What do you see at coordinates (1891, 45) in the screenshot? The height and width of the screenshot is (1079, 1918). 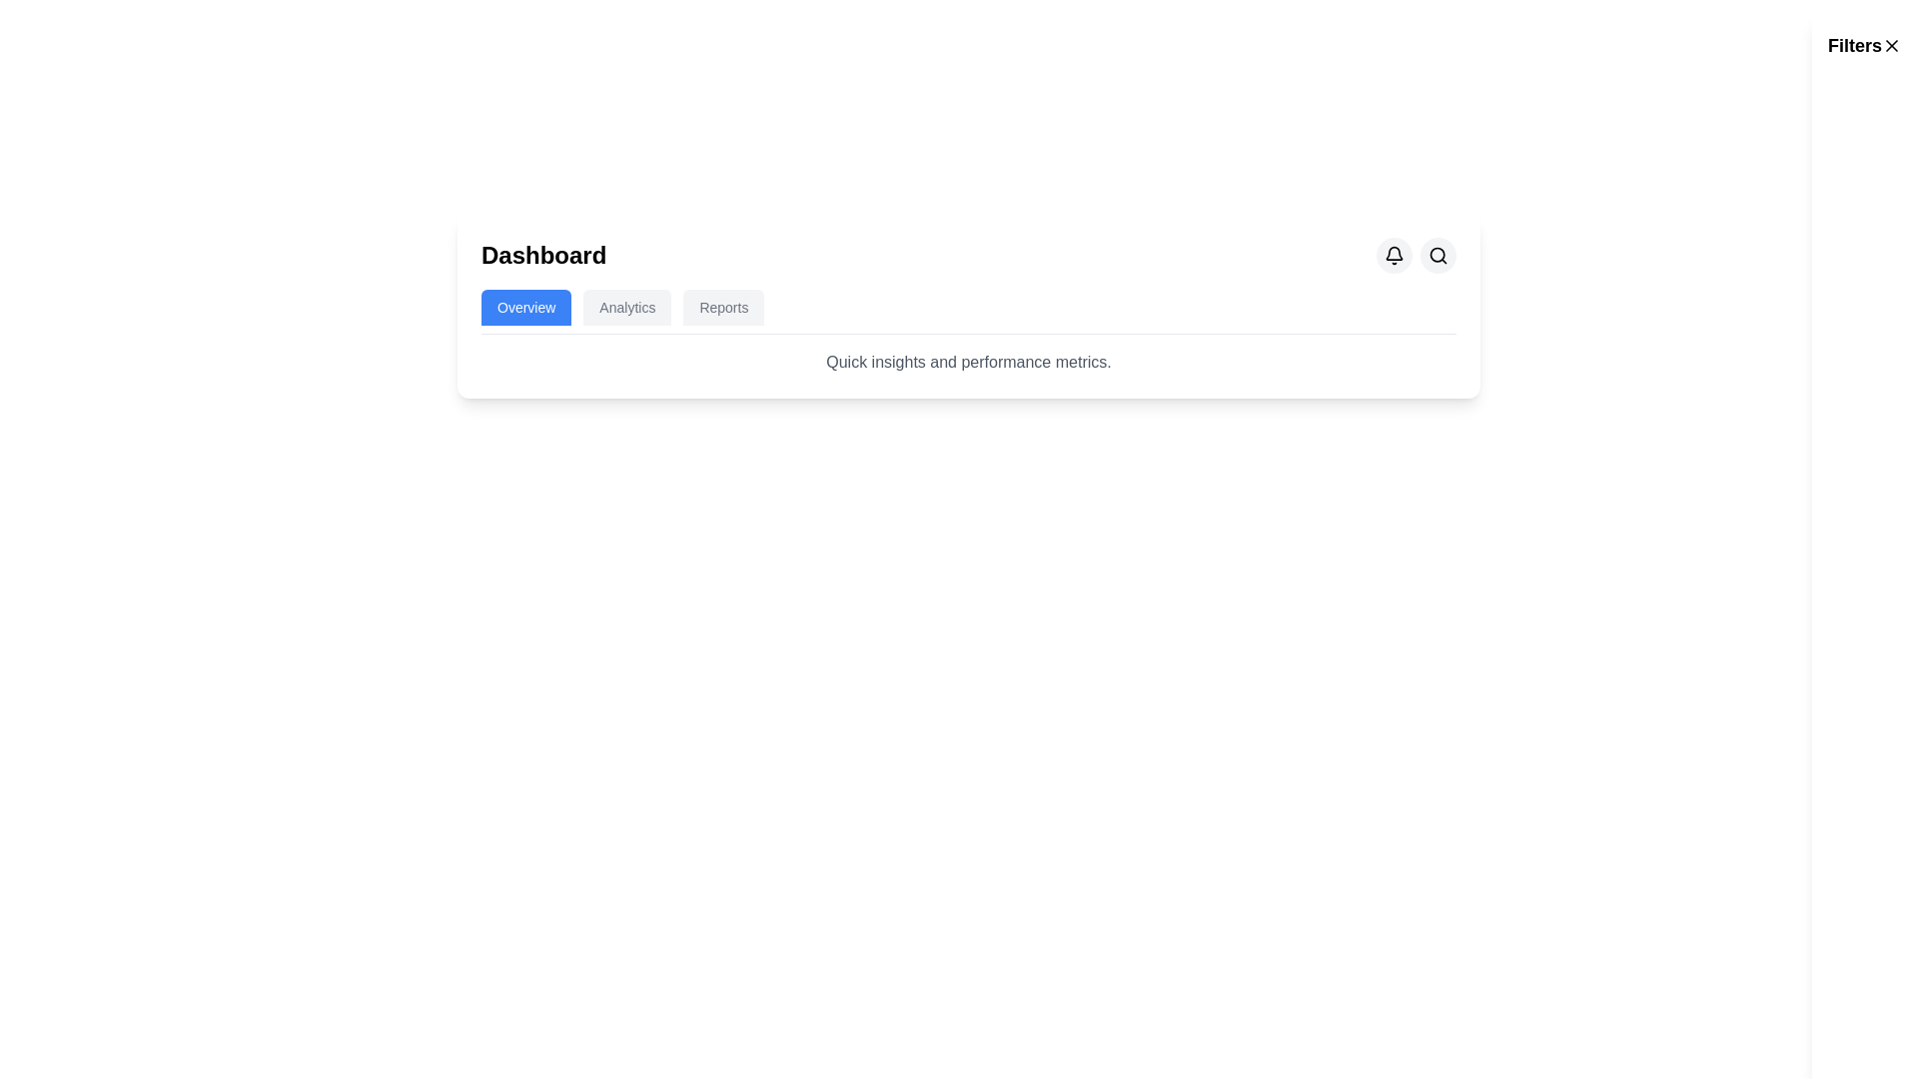 I see `the button located at the far-right of the header section containing the text 'Filters'` at bounding box center [1891, 45].